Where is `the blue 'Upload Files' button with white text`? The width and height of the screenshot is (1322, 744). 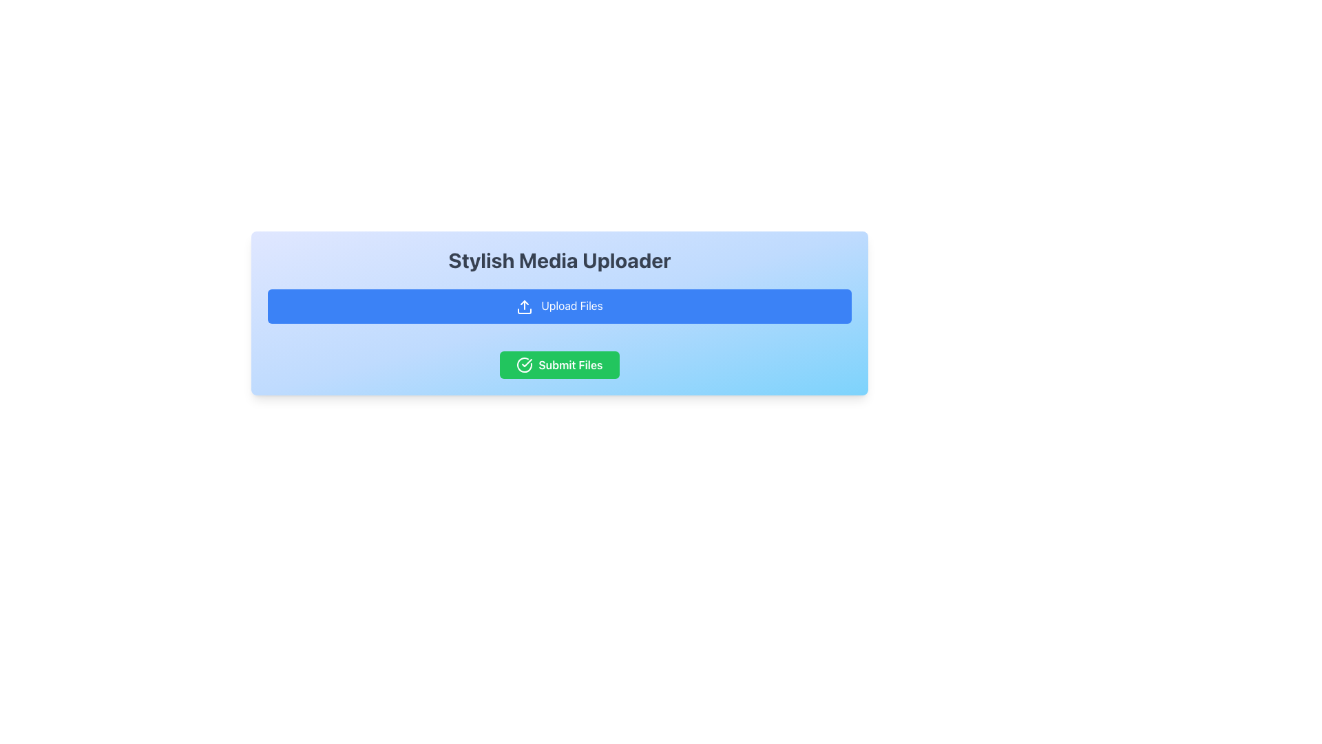 the blue 'Upload Files' button with white text is located at coordinates (559, 304).